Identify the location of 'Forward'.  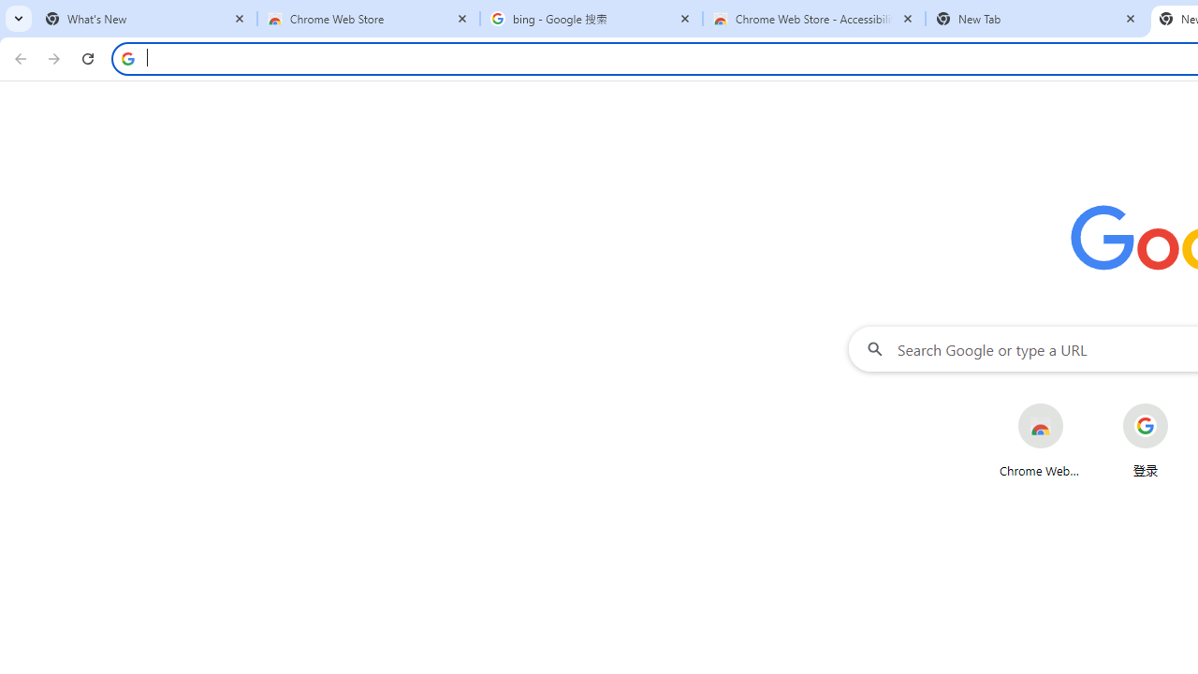
(54, 57).